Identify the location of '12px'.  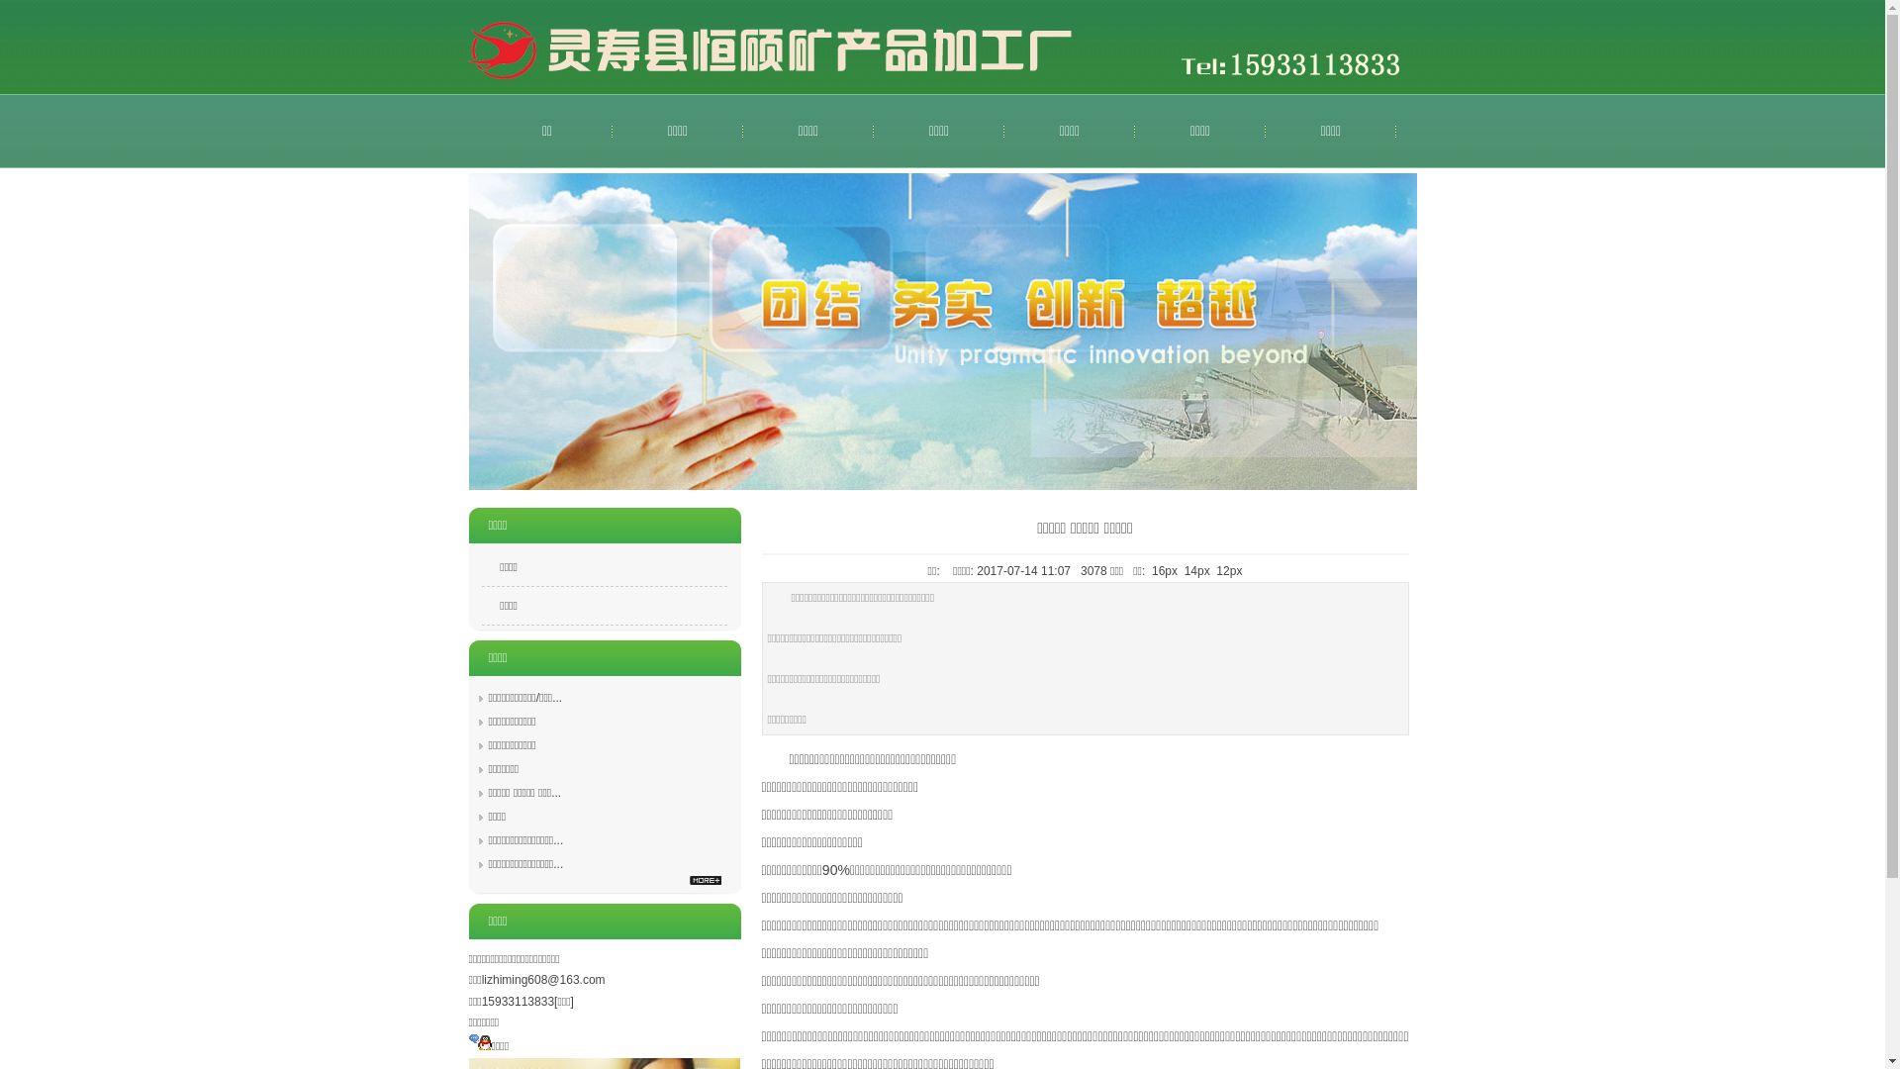
(1228, 571).